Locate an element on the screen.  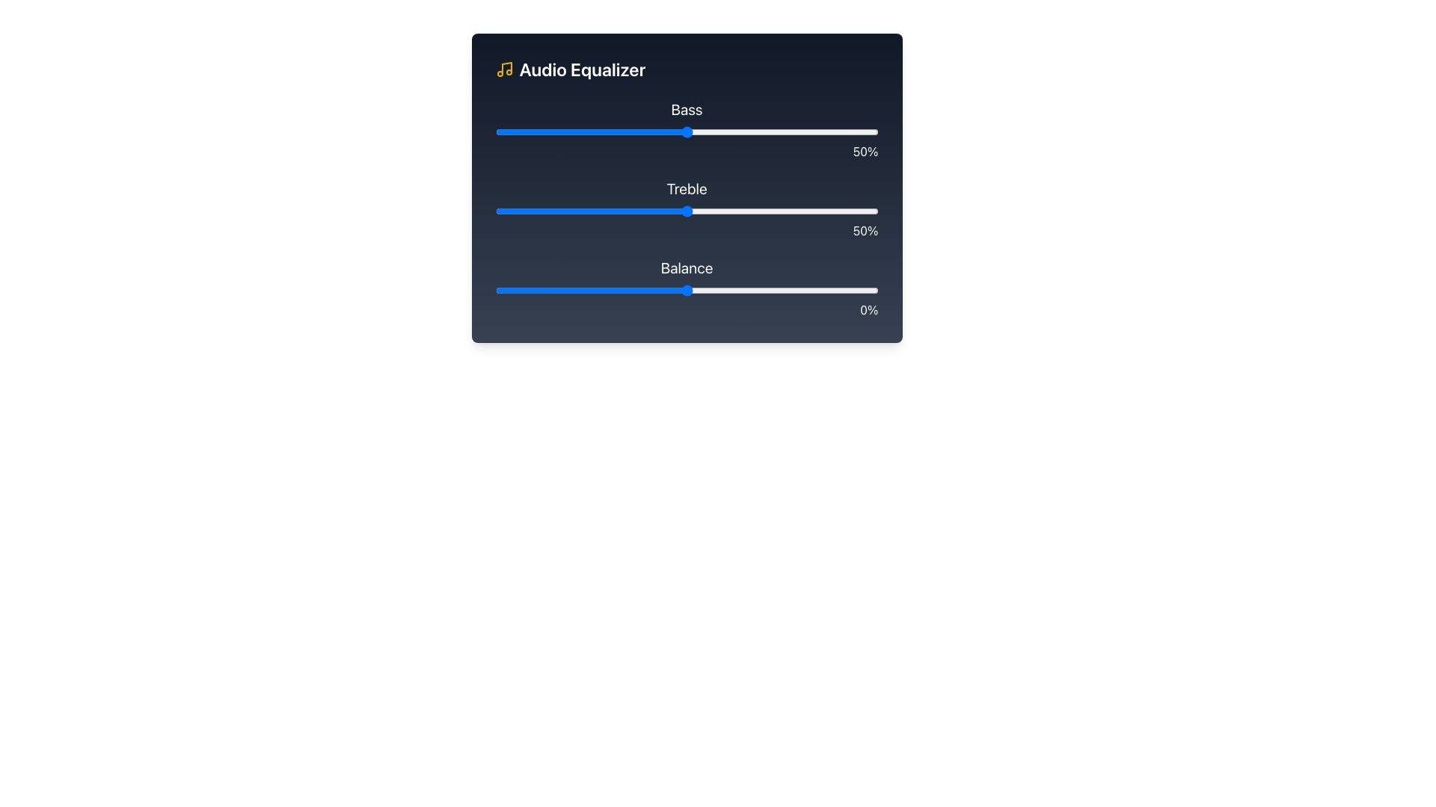
the bass level is located at coordinates (702, 132).